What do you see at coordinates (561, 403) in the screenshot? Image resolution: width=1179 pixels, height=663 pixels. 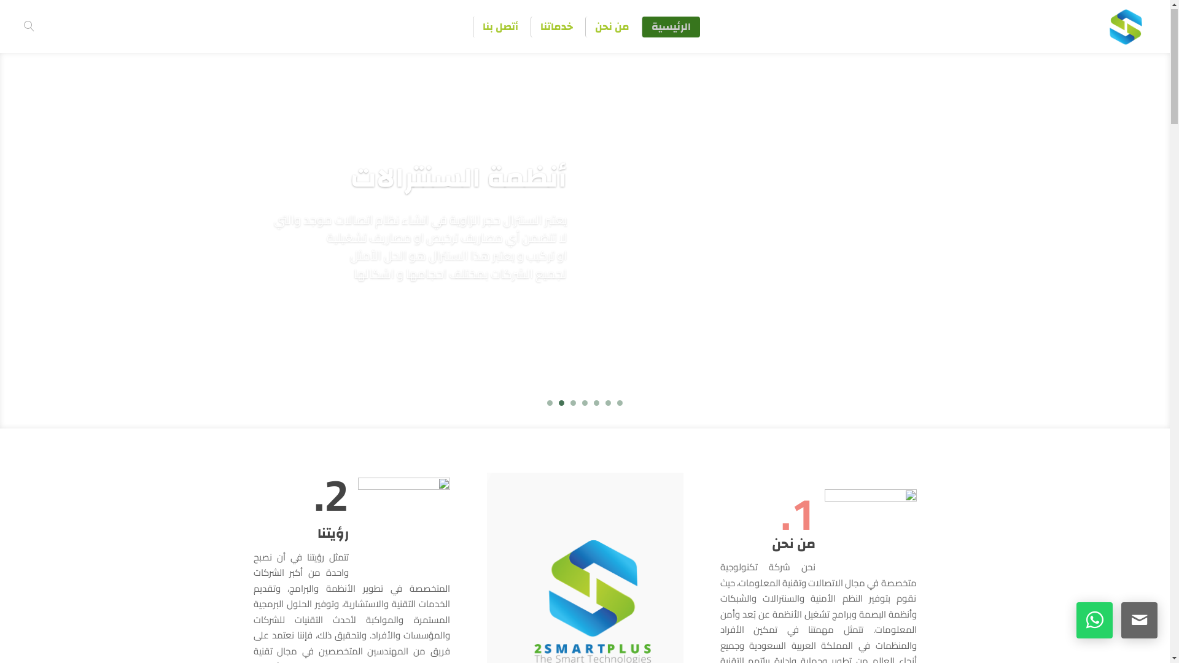 I see `'6'` at bounding box center [561, 403].